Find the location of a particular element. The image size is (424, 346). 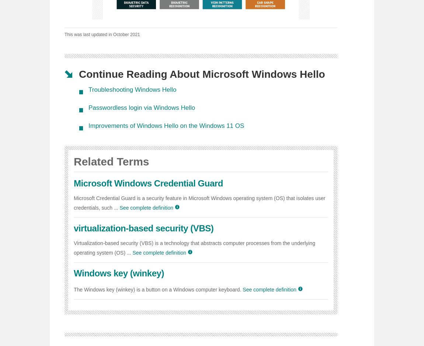

'Improvements of Windows Hello on the Windows 11 OS' is located at coordinates (166, 125).